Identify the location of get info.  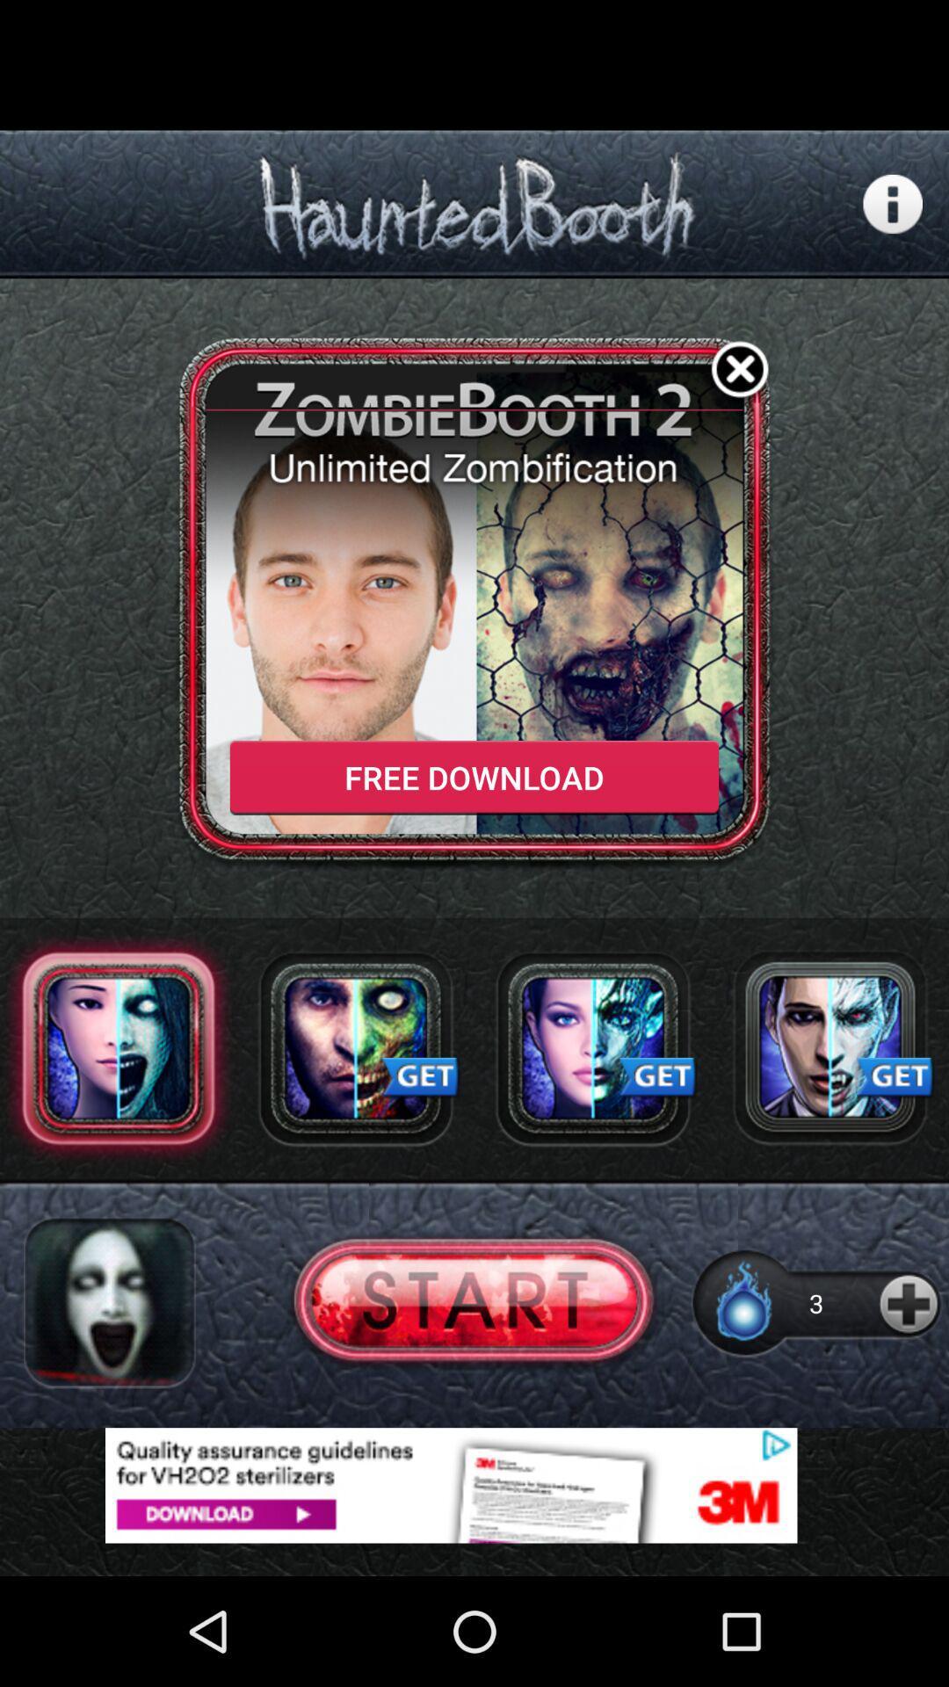
(893, 204).